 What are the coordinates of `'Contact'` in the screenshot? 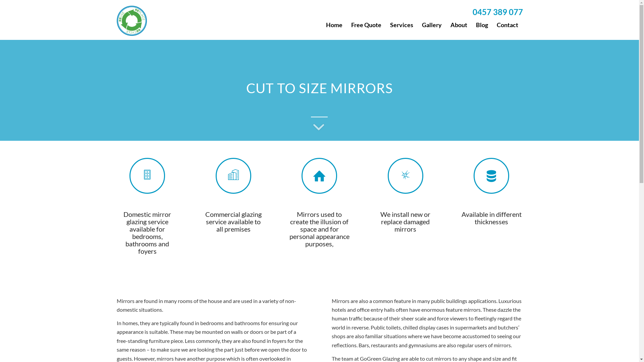 It's located at (507, 24).